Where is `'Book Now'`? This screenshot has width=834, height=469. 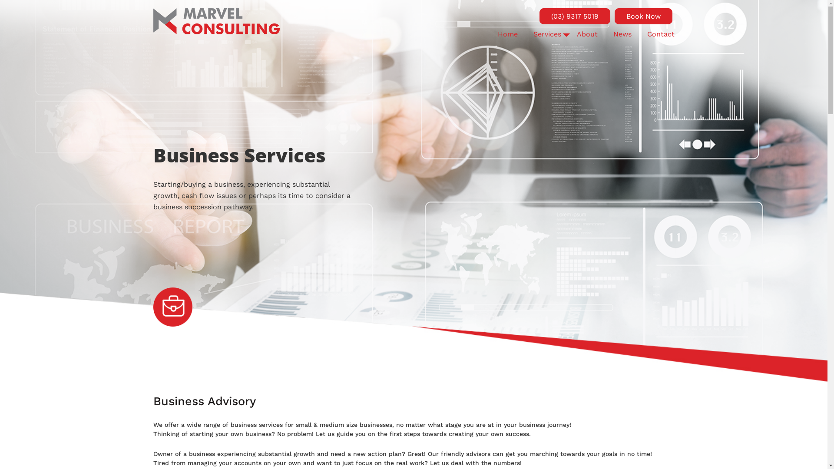
'Book Now' is located at coordinates (643, 16).